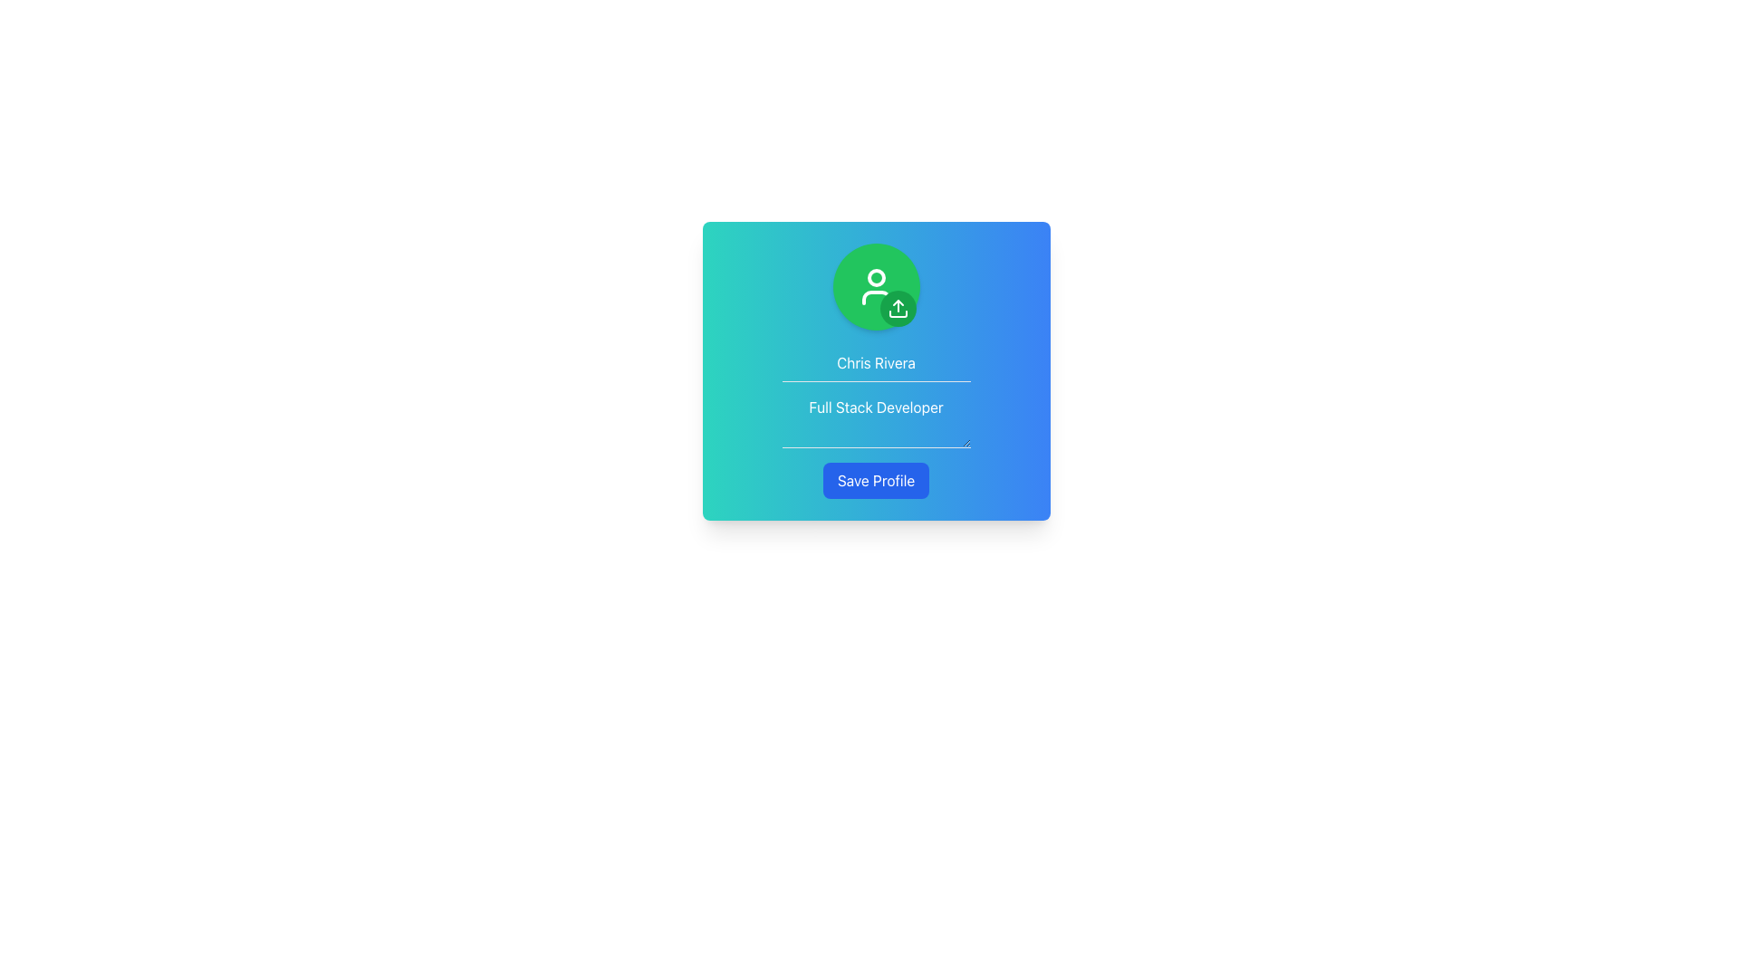  I want to click on the decorative circular shape within the SVG graphic that represents the user profile icon, located centrally within the green circular profile area, so click(876, 278).